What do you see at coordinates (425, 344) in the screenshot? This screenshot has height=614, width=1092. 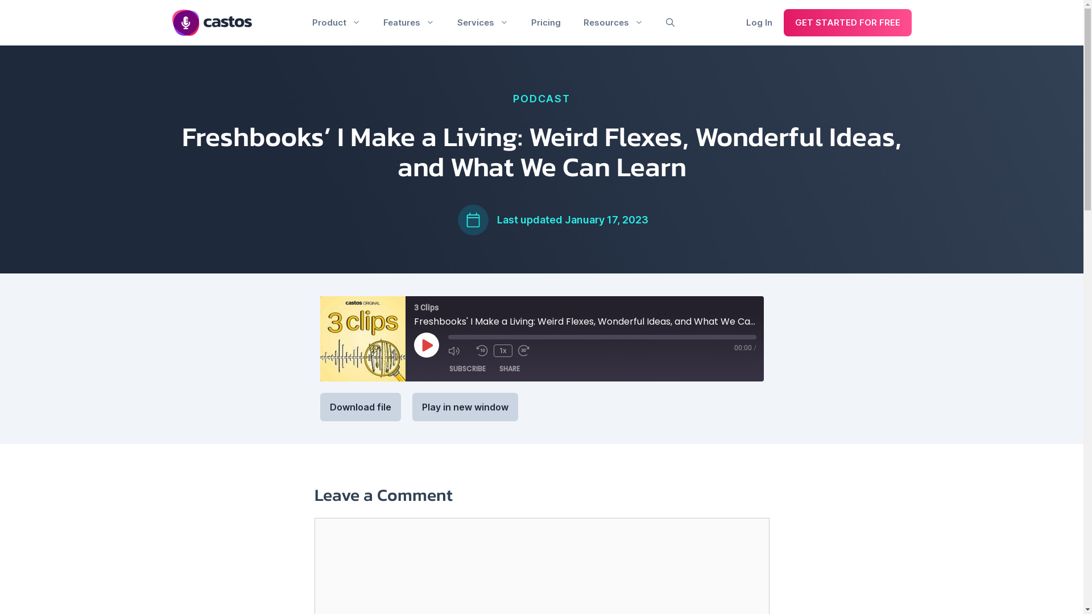 I see `'Play Episode'` at bounding box center [425, 344].